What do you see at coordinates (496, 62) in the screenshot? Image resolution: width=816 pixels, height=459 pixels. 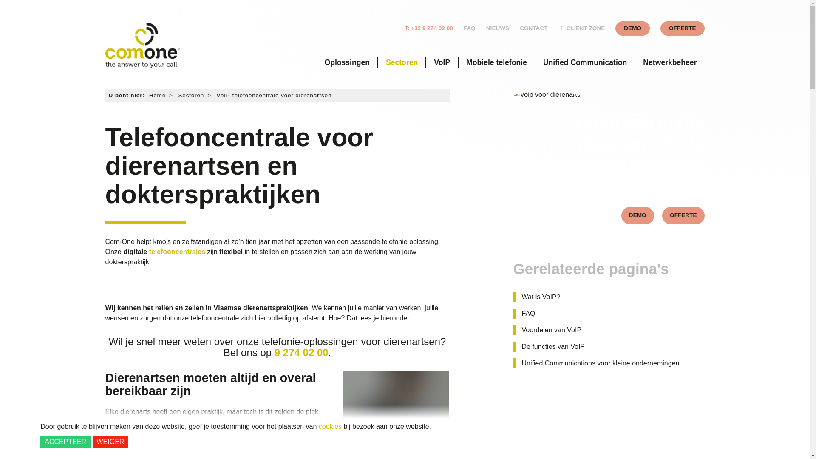 I see `'Mobiele telefonie'` at bounding box center [496, 62].